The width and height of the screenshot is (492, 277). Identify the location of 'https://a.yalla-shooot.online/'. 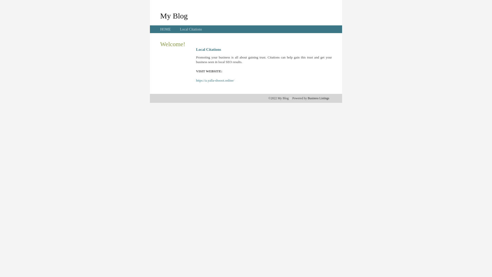
(215, 80).